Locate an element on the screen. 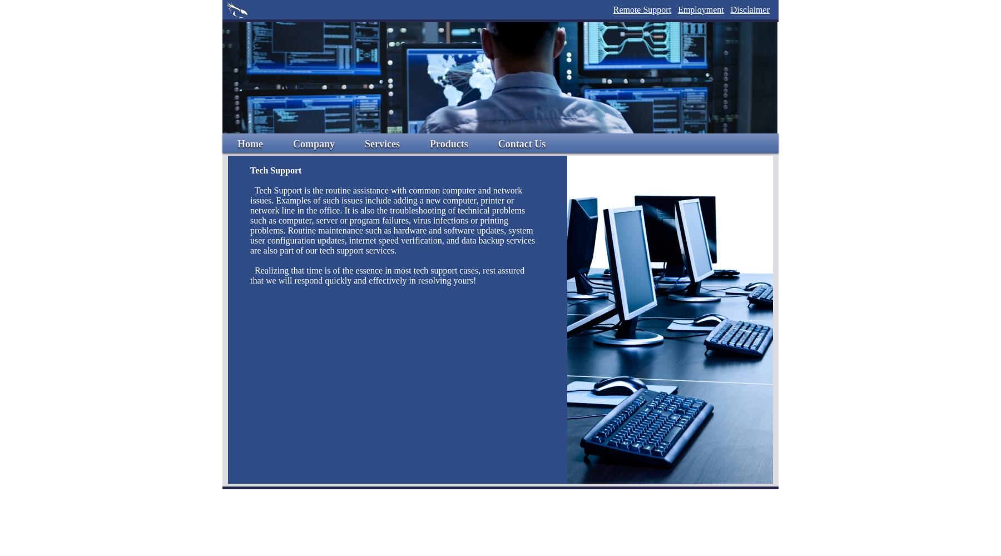 This screenshot has width=1001, height=556. 'Services' is located at coordinates (364, 144).